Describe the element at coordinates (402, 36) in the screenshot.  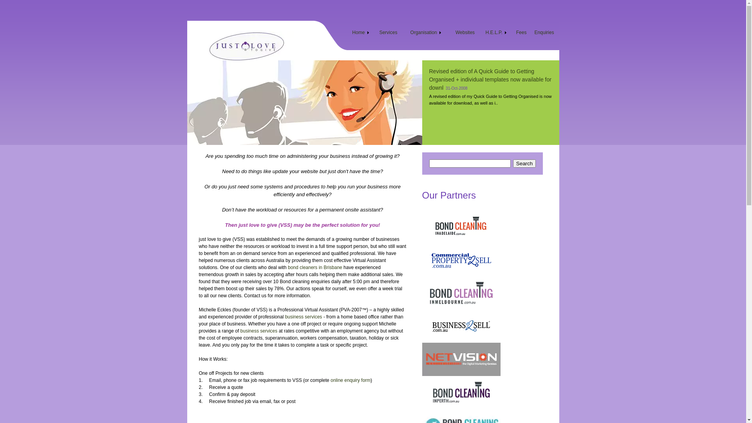
I see `'Organisation'` at that location.